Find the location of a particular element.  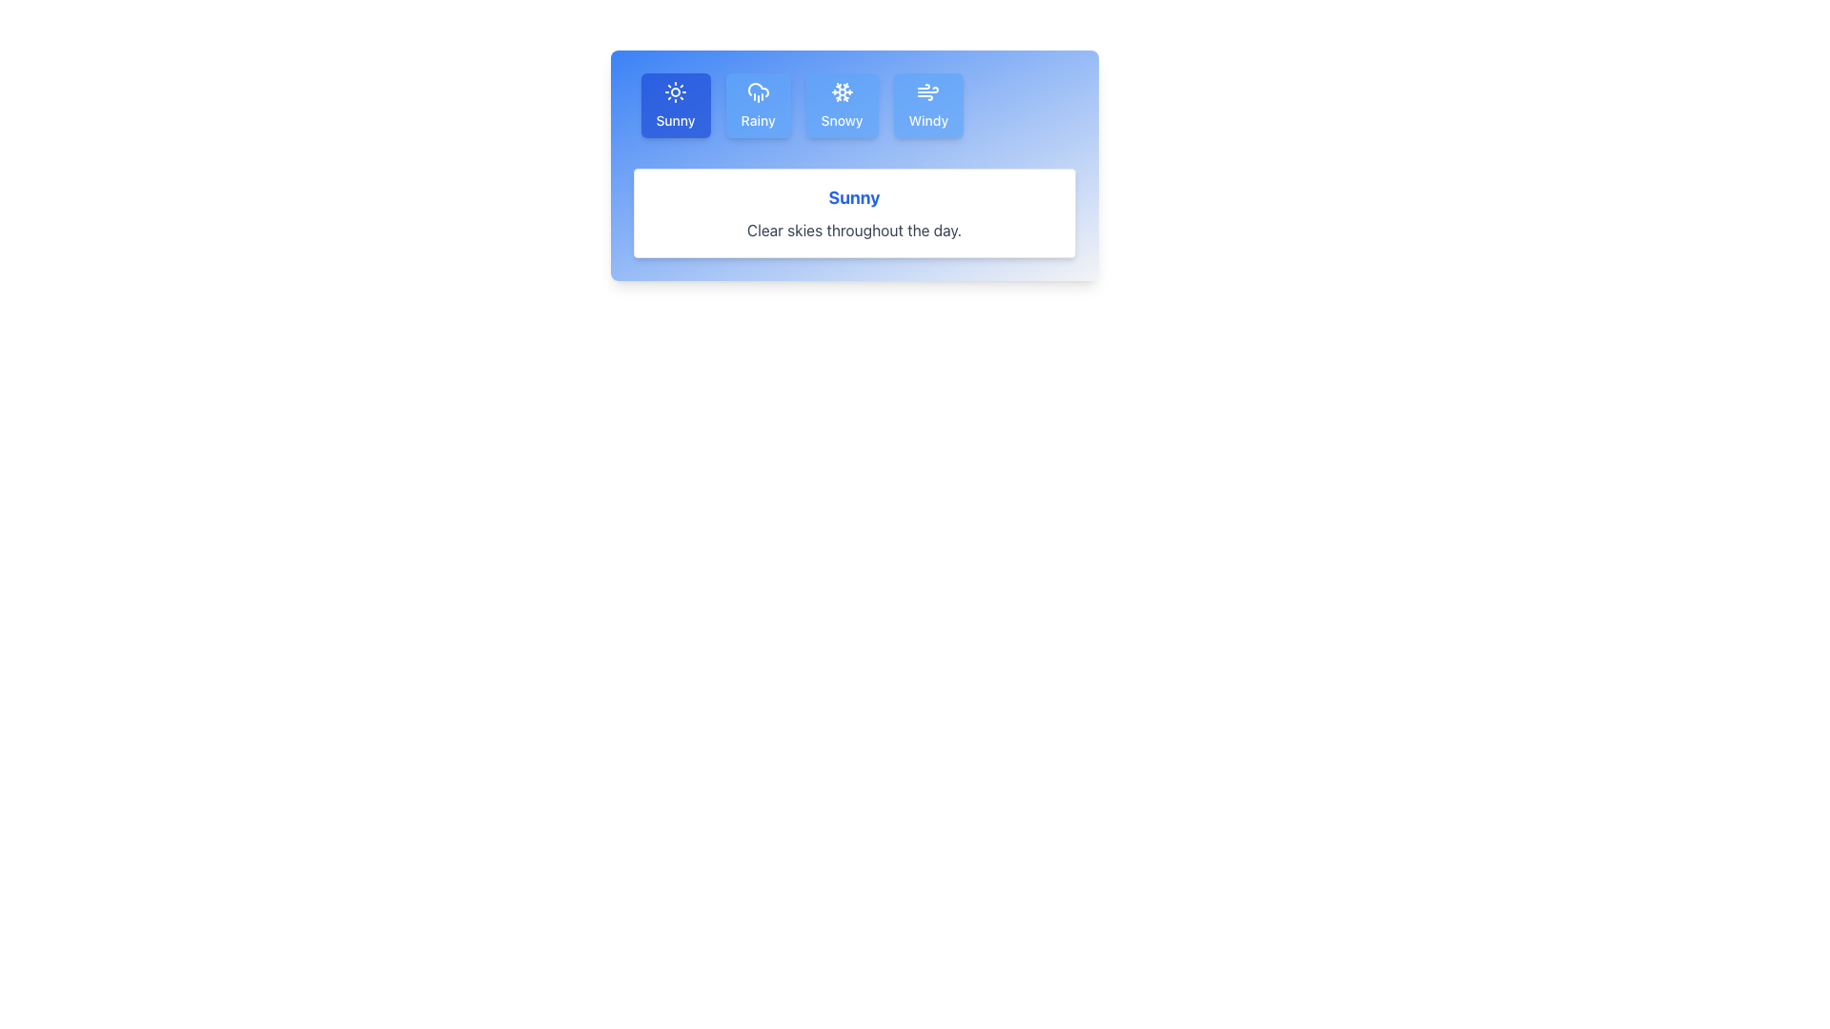

the 'Sunny' button, which is a rectangular button with rounded corners, blue background, and a white sun icon, located on the far-left side of the weather selection group is located at coordinates (676, 106).